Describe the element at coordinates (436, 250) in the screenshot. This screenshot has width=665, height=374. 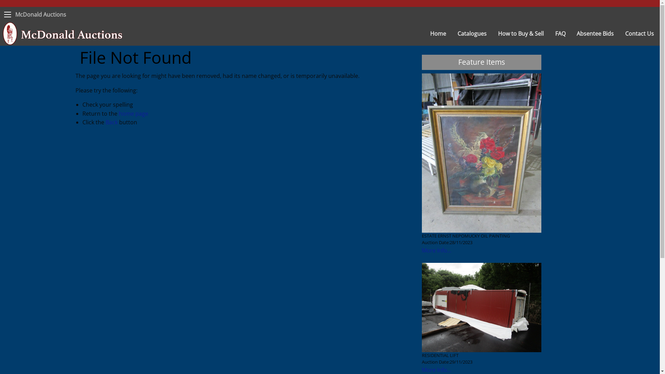
I see `'More Info...'` at that location.